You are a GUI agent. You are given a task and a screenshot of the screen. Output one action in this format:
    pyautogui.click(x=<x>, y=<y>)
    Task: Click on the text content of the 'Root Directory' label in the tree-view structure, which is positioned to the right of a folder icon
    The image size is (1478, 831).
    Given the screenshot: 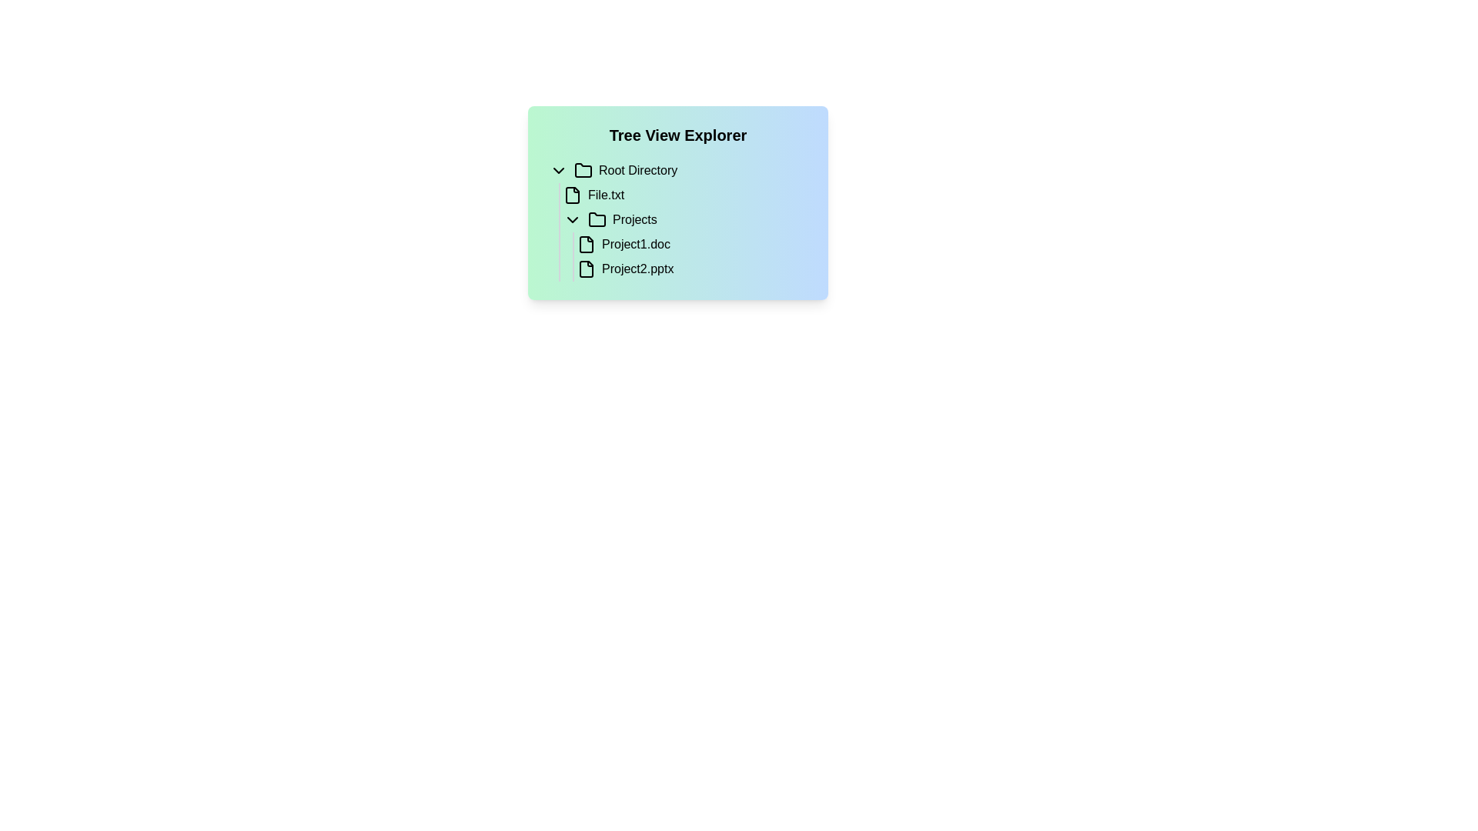 What is the action you would take?
    pyautogui.click(x=638, y=171)
    